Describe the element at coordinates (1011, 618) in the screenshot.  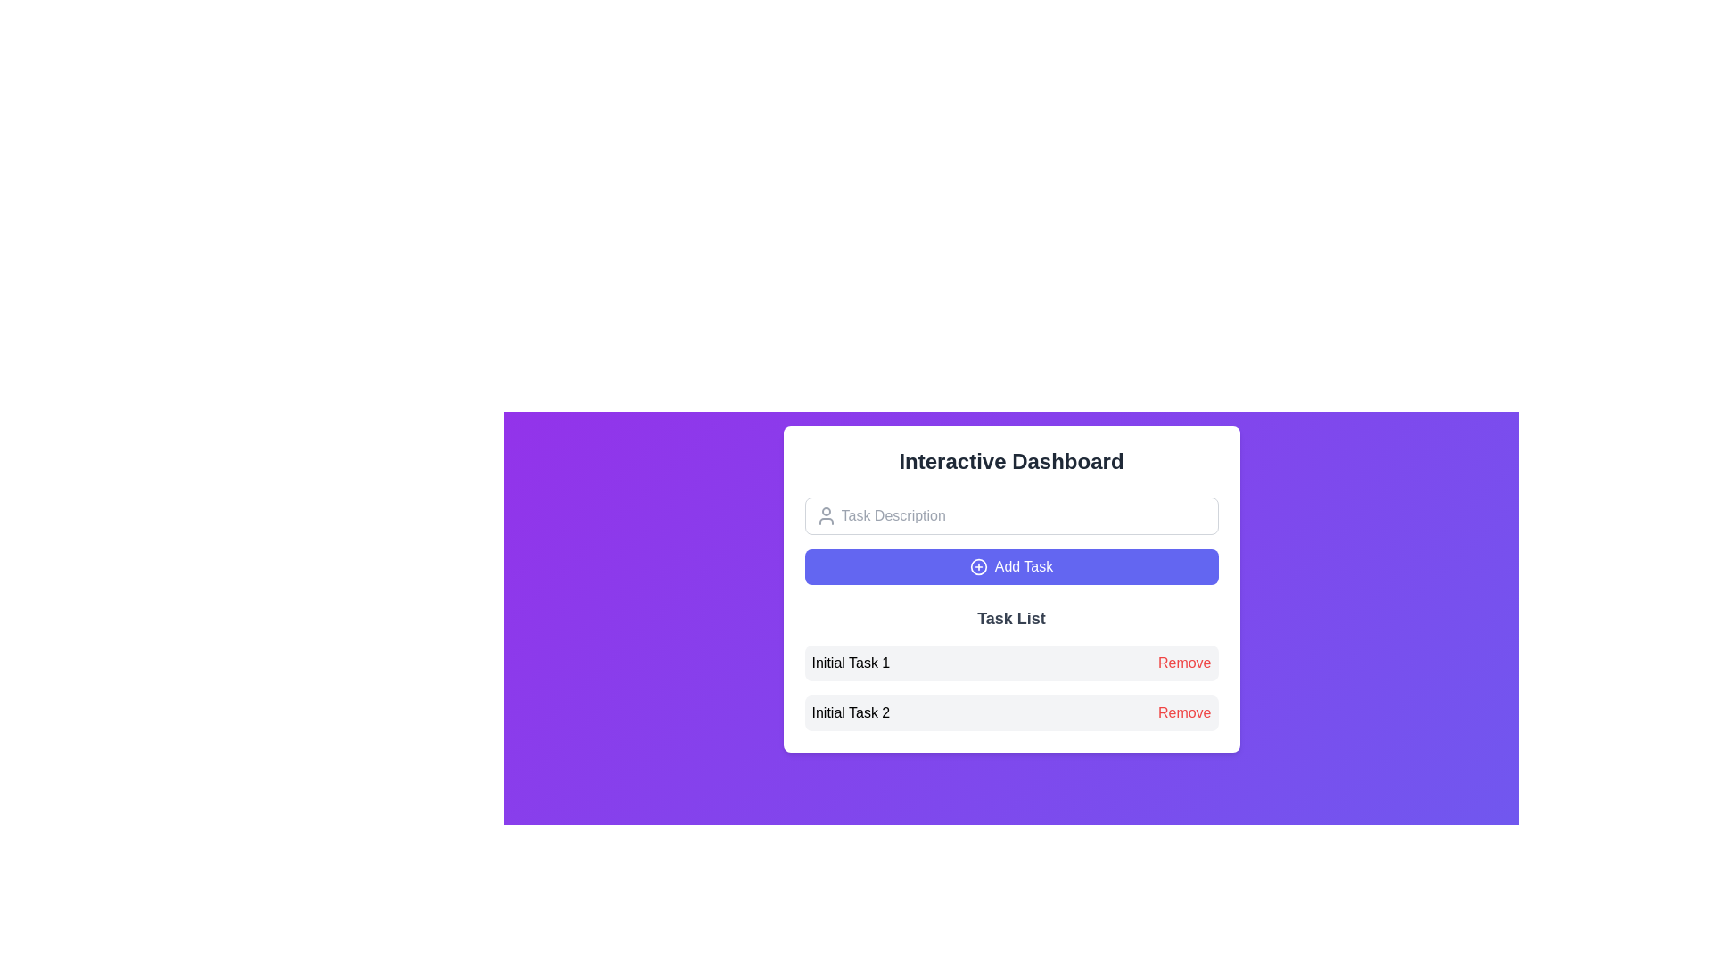
I see `the static text label that displays 'Task List', which is styled in bold and slightly larger font, located centrally on a white card-like area` at that location.